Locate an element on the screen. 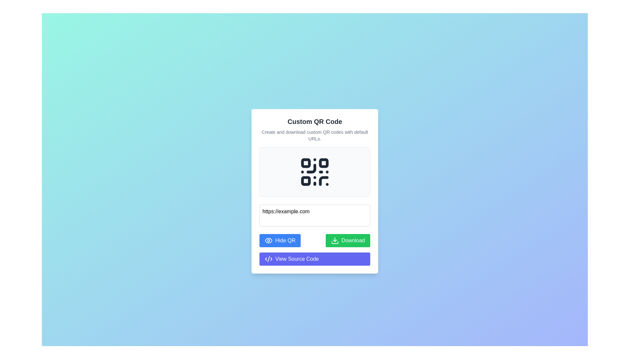 The height and width of the screenshot is (356, 633). the button located below the text input field and adjacent to the green 'Download' button is located at coordinates (280, 240).